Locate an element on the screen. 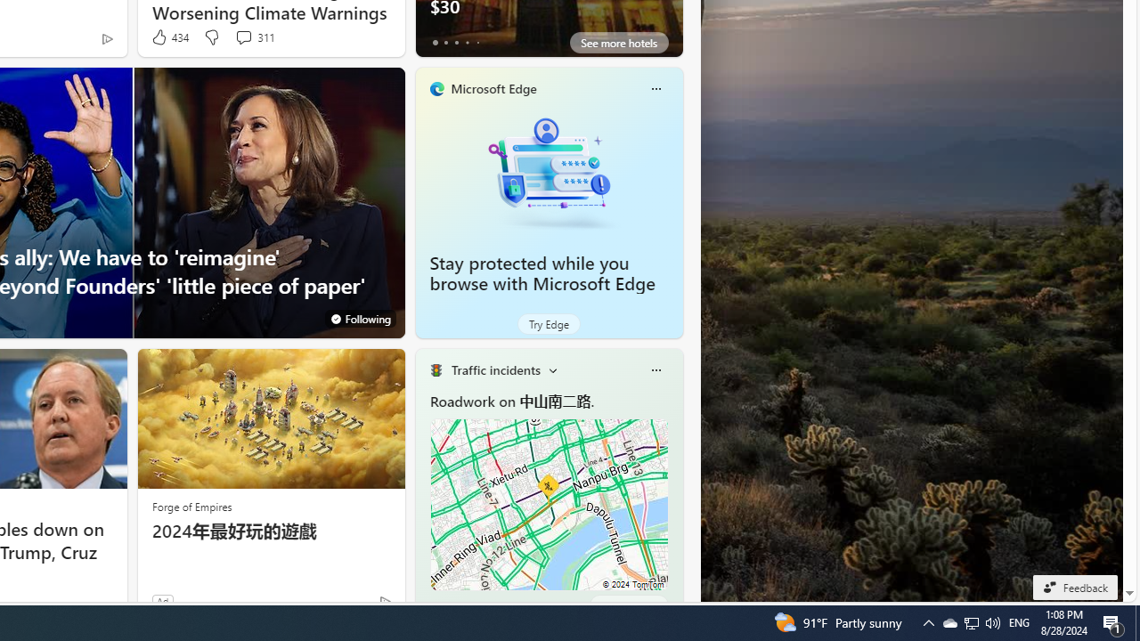 The height and width of the screenshot is (641, 1140). '434 Like' is located at coordinates (169, 37).